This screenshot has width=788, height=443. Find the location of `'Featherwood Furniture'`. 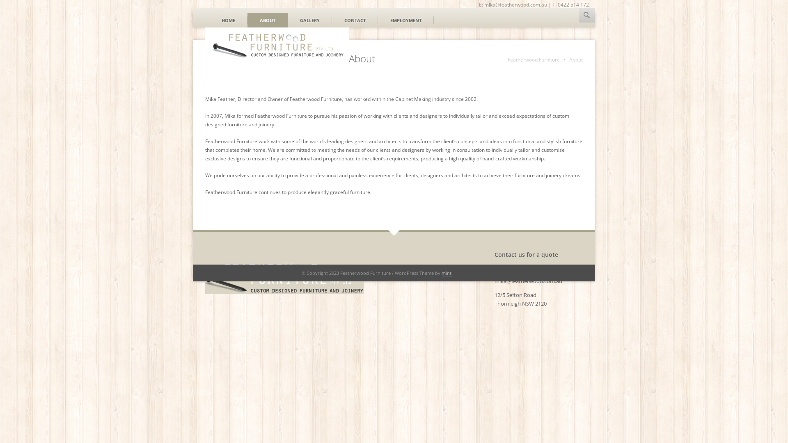

'Featherwood Furniture' is located at coordinates (536, 59).